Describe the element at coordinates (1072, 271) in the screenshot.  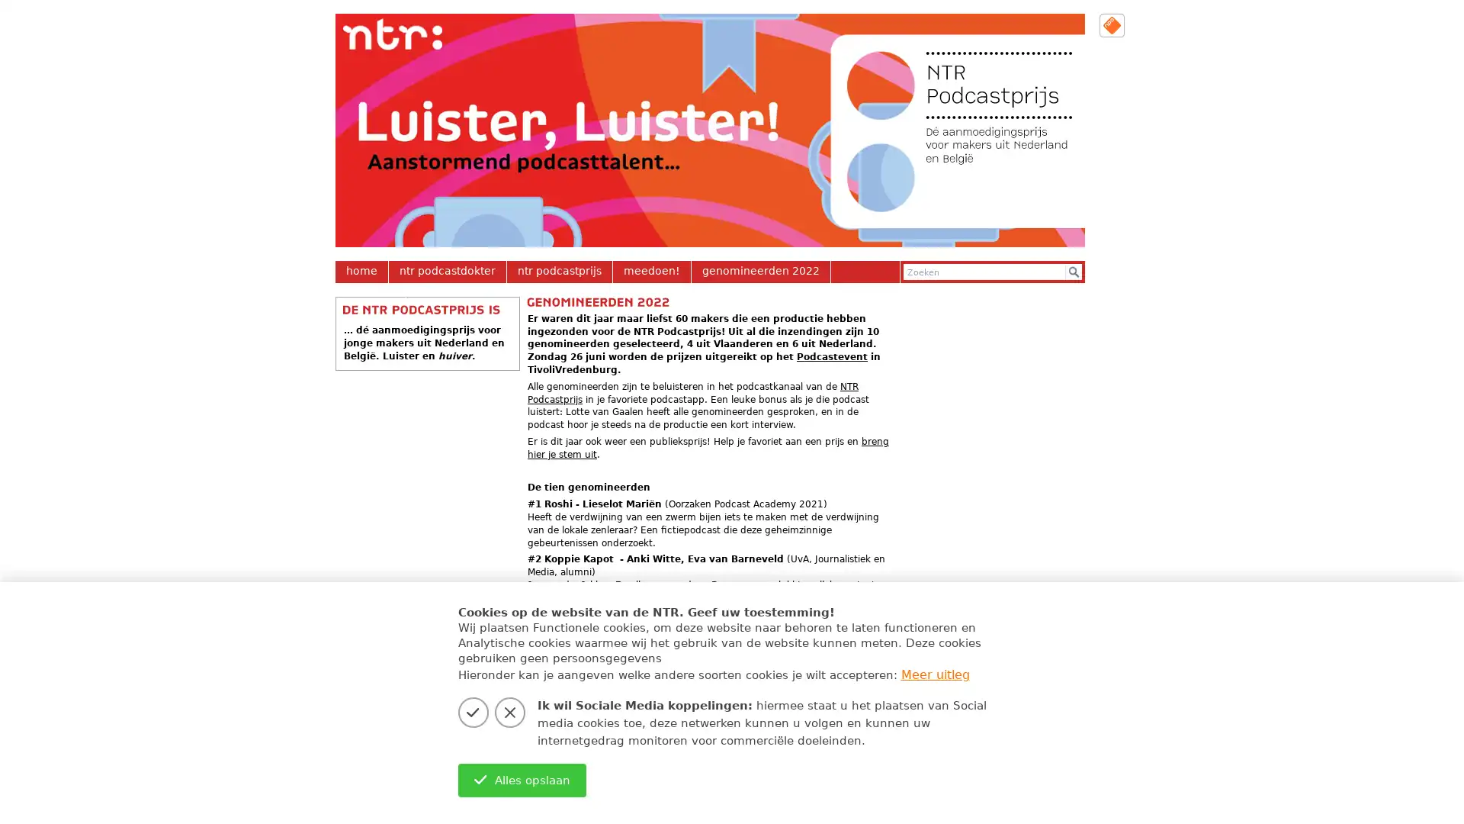
I see `Zoek` at that location.